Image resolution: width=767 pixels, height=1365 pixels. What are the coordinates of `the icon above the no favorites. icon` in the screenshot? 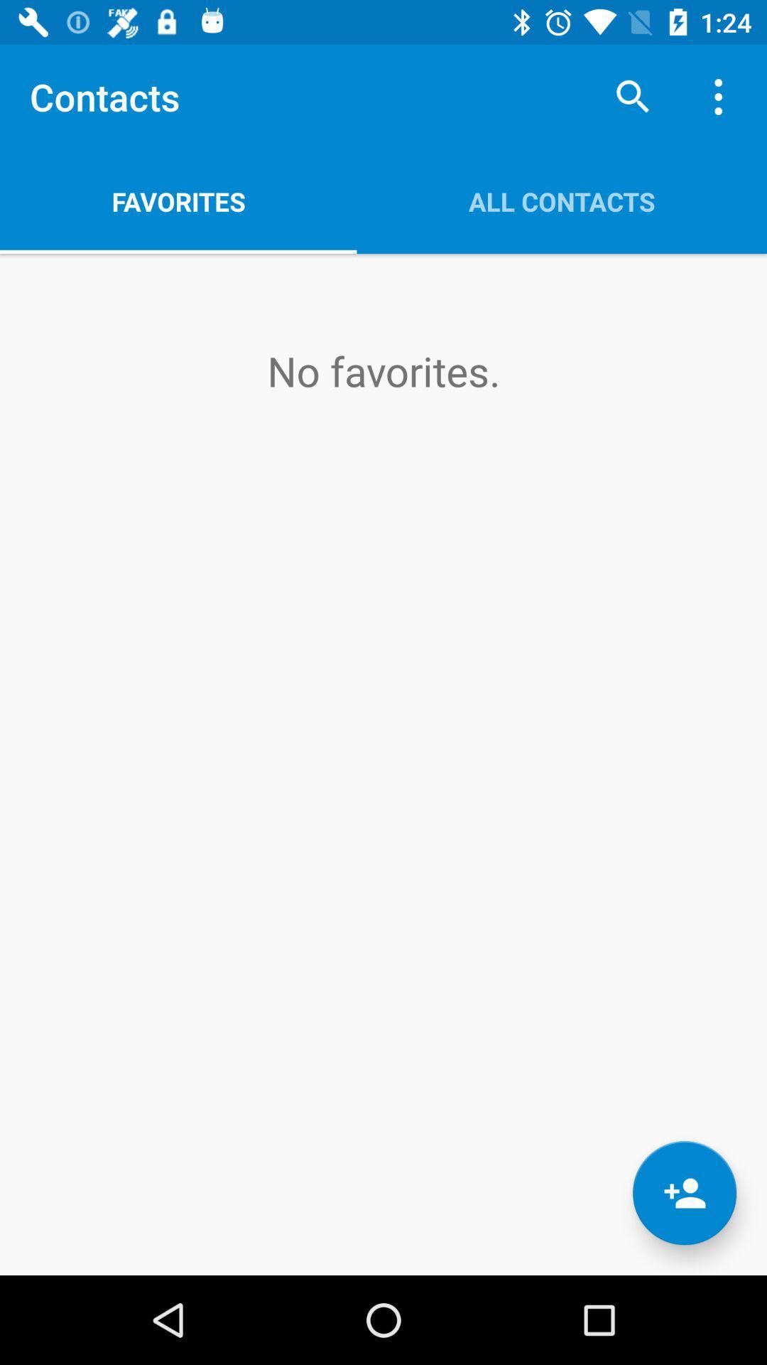 It's located at (561, 200).